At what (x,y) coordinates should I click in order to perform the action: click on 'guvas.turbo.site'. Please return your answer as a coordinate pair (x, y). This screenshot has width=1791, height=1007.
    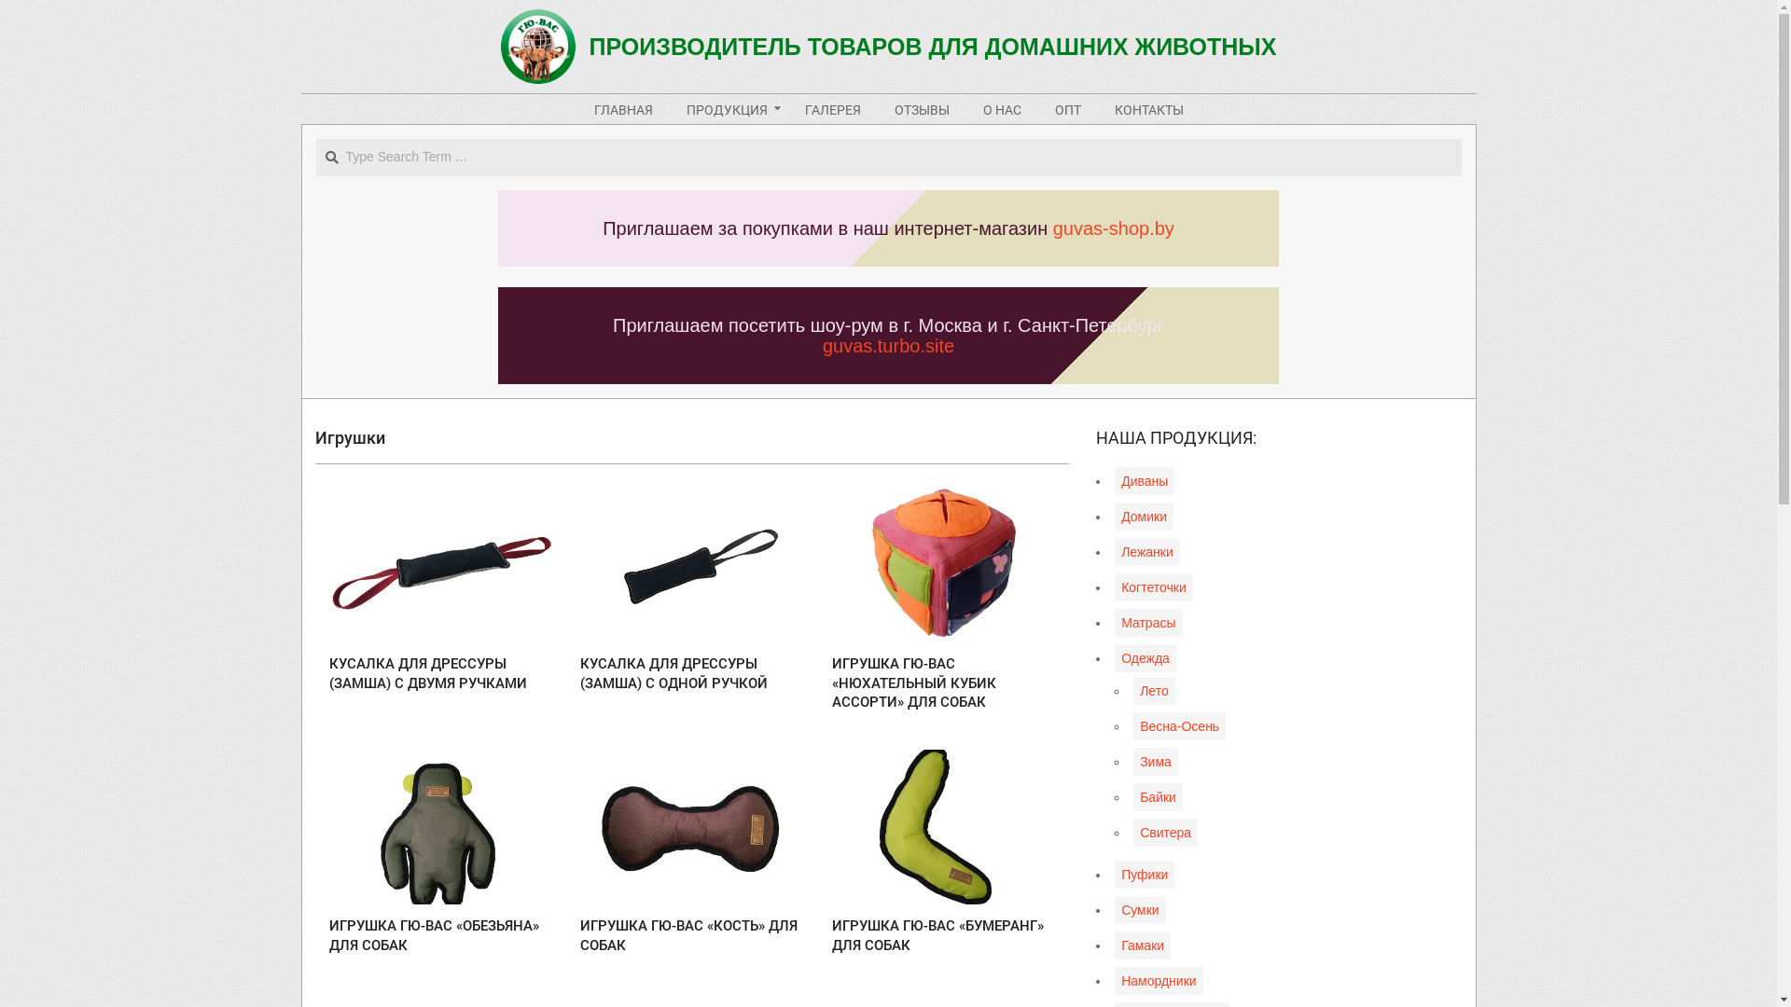
    Looking at the image, I should click on (887, 345).